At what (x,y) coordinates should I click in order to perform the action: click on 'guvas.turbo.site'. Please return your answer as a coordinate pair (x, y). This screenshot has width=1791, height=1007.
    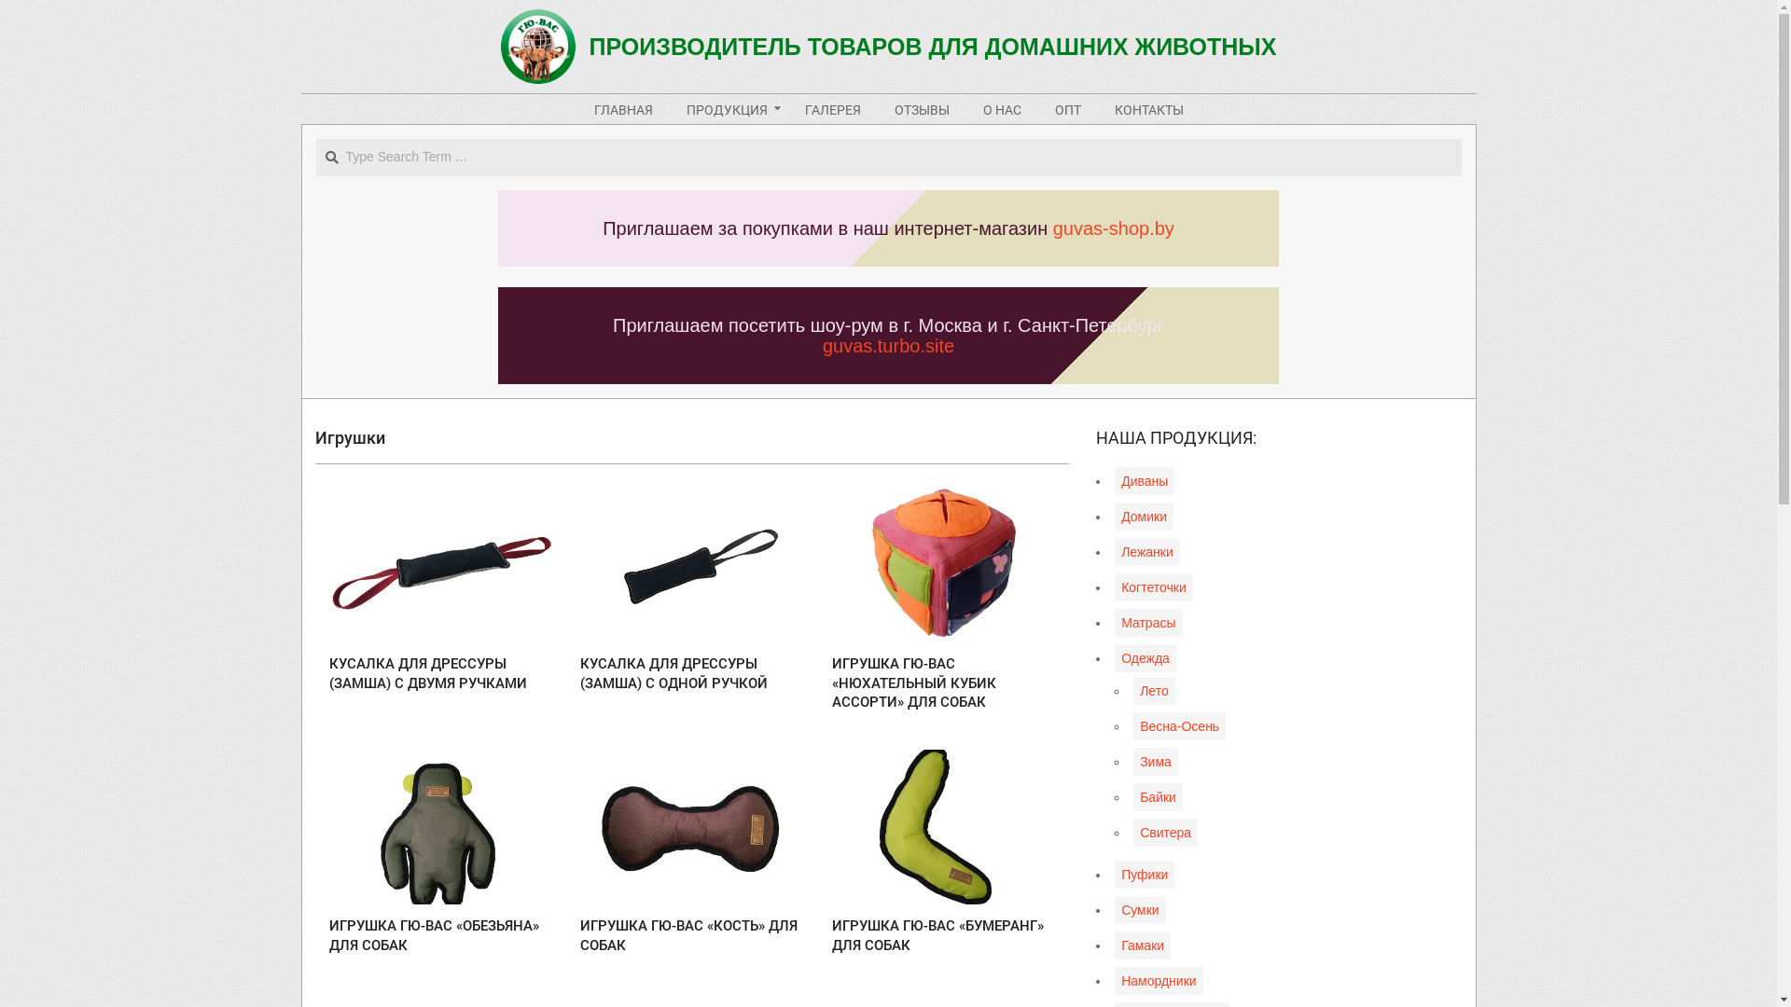
    Looking at the image, I should click on (887, 345).